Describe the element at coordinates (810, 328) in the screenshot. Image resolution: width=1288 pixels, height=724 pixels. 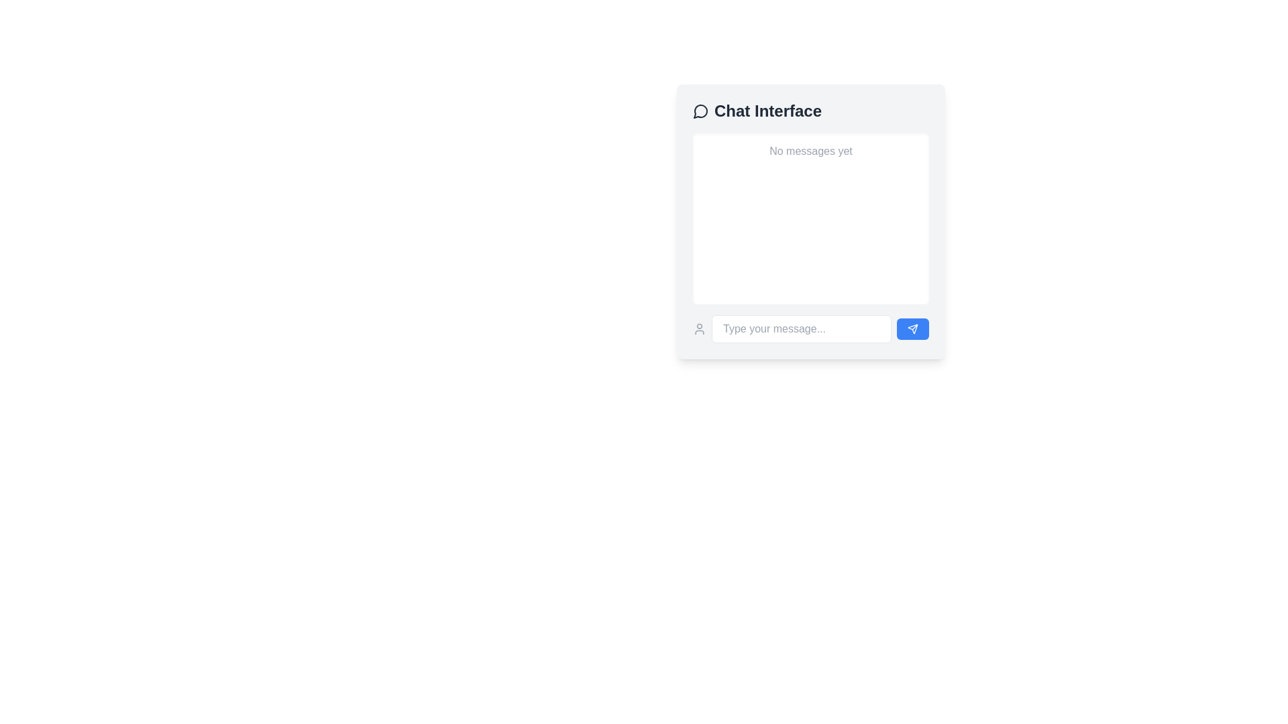
I see `the input box in the Input and Button Group at the bottom of the chat interface to focus and type a message` at that location.